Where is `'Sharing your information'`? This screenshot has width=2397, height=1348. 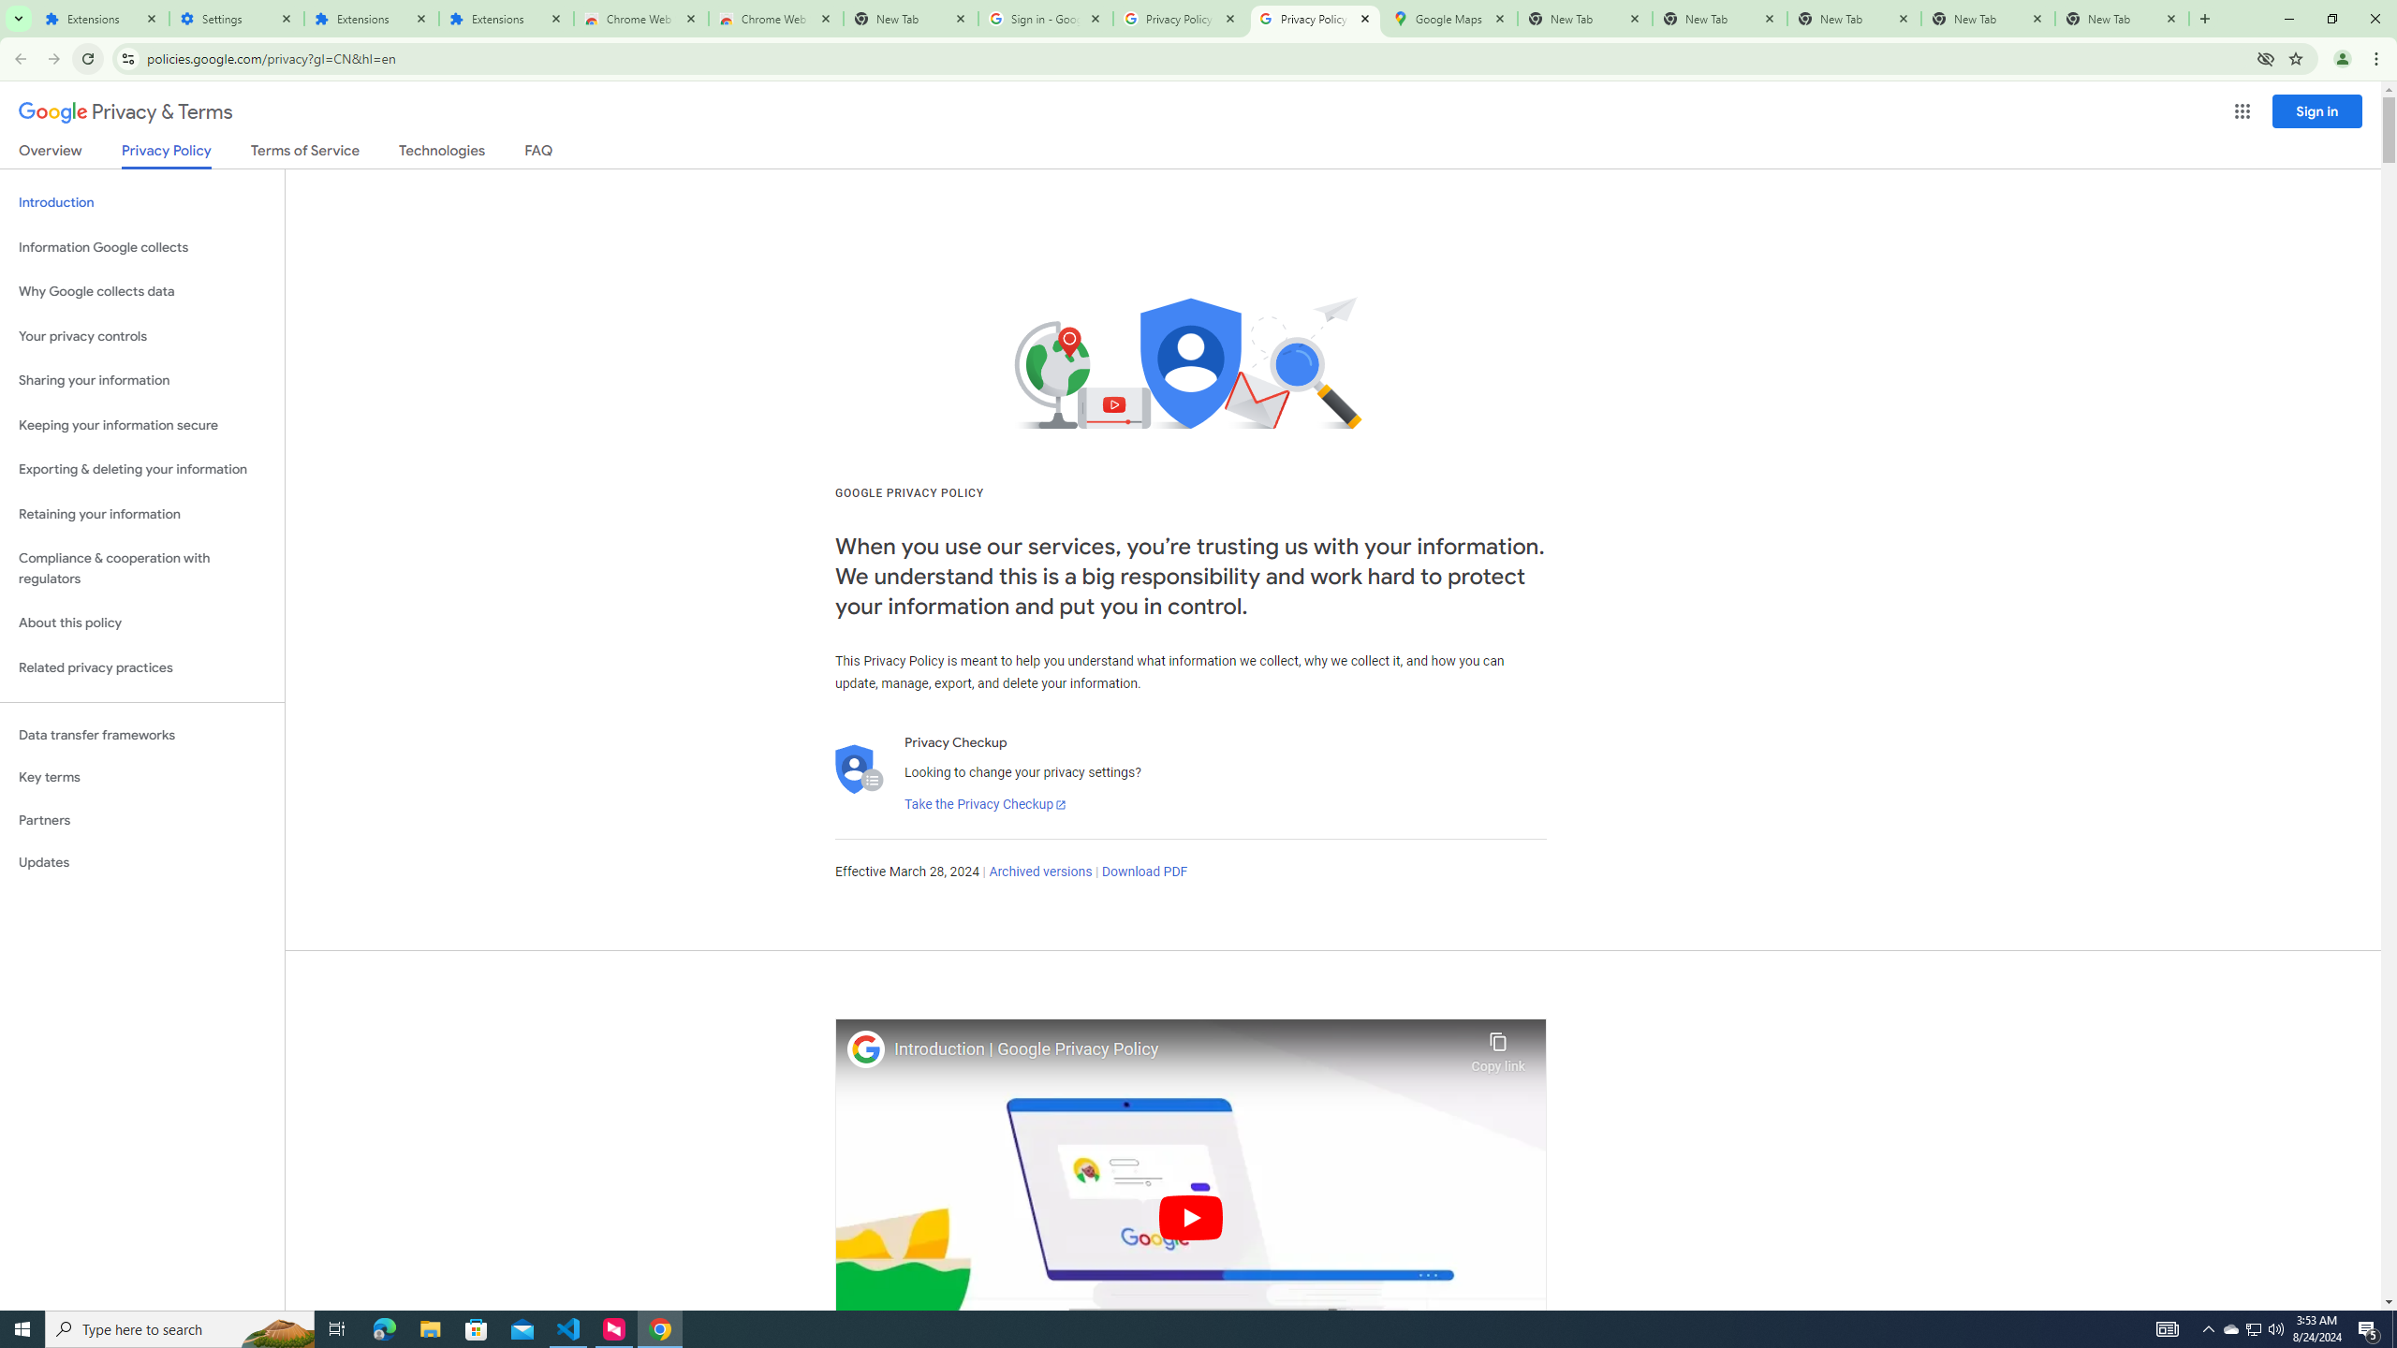 'Sharing your information' is located at coordinates (141, 379).